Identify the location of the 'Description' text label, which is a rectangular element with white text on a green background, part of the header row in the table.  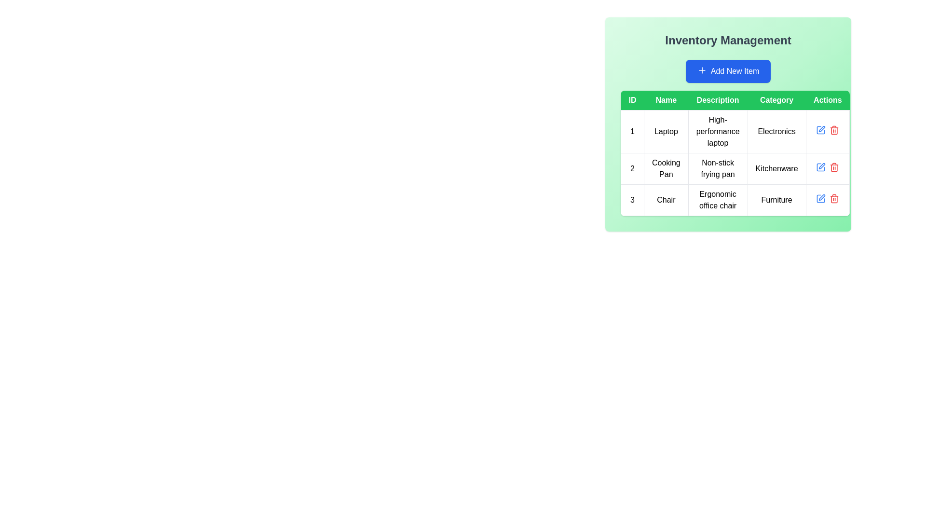
(718, 100).